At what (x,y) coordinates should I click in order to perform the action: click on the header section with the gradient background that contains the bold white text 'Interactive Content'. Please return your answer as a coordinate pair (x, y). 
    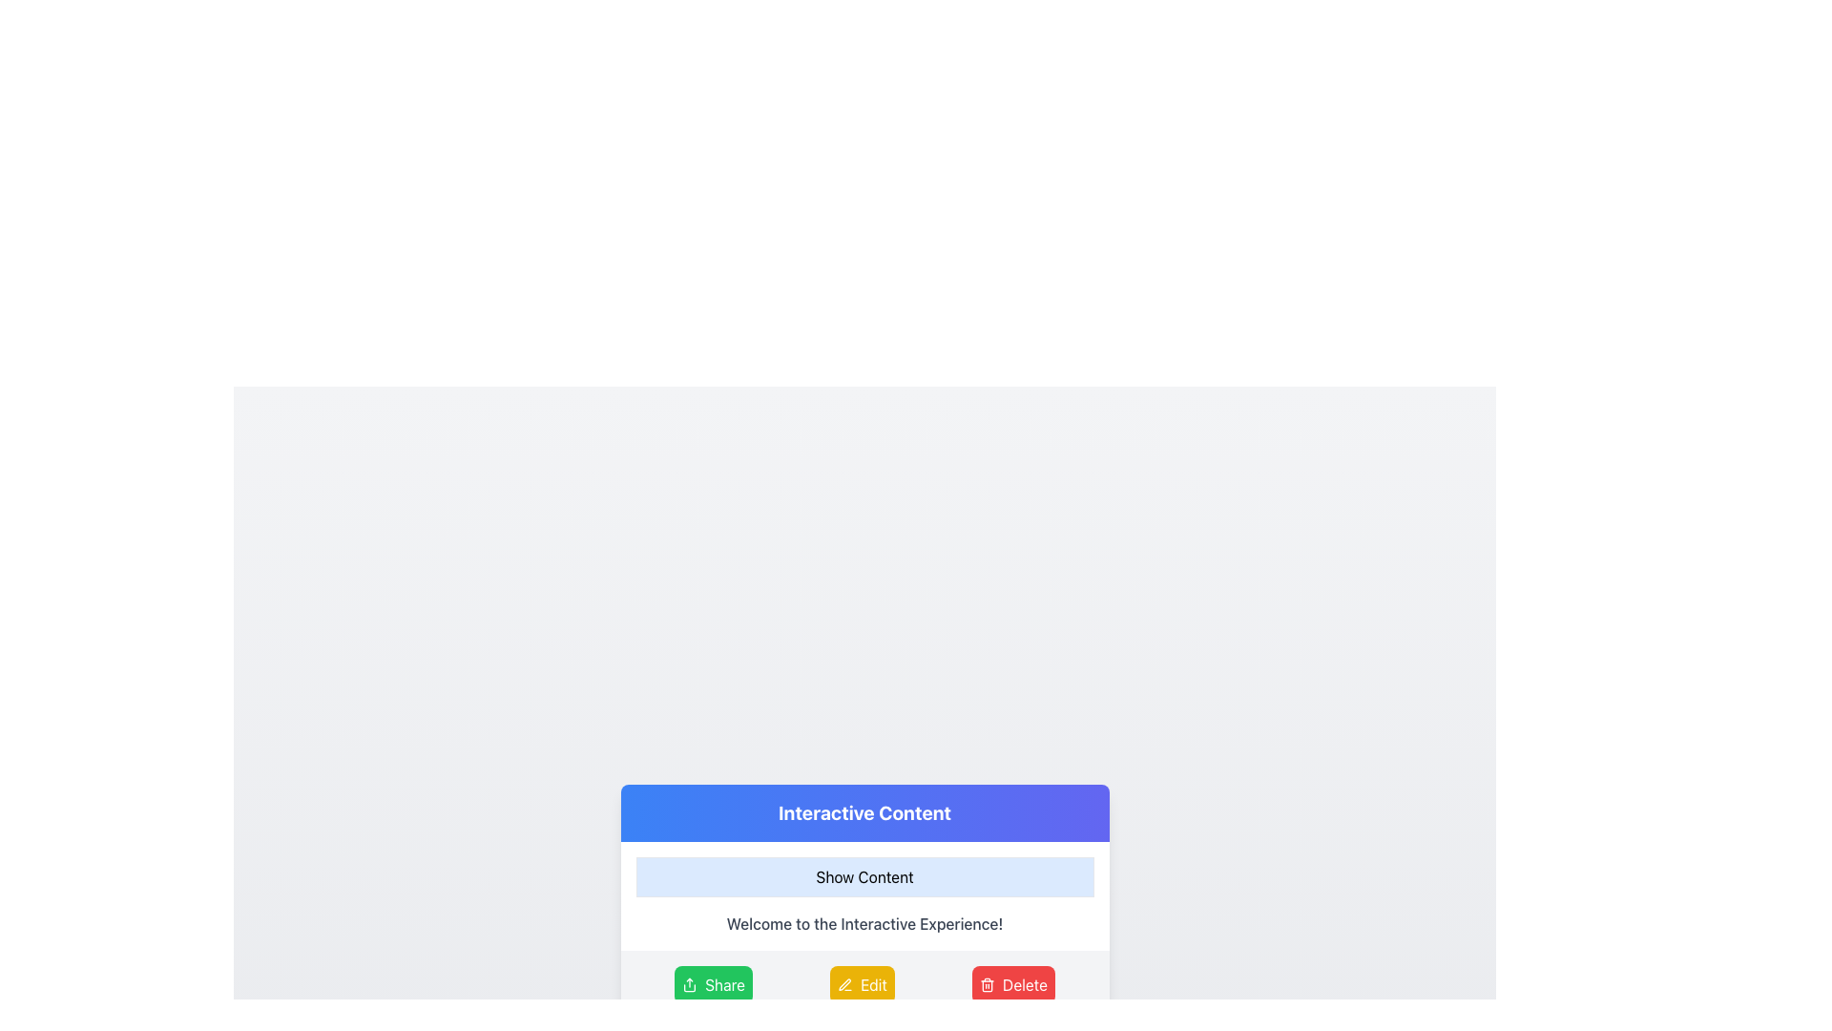
    Looking at the image, I should click on (864, 813).